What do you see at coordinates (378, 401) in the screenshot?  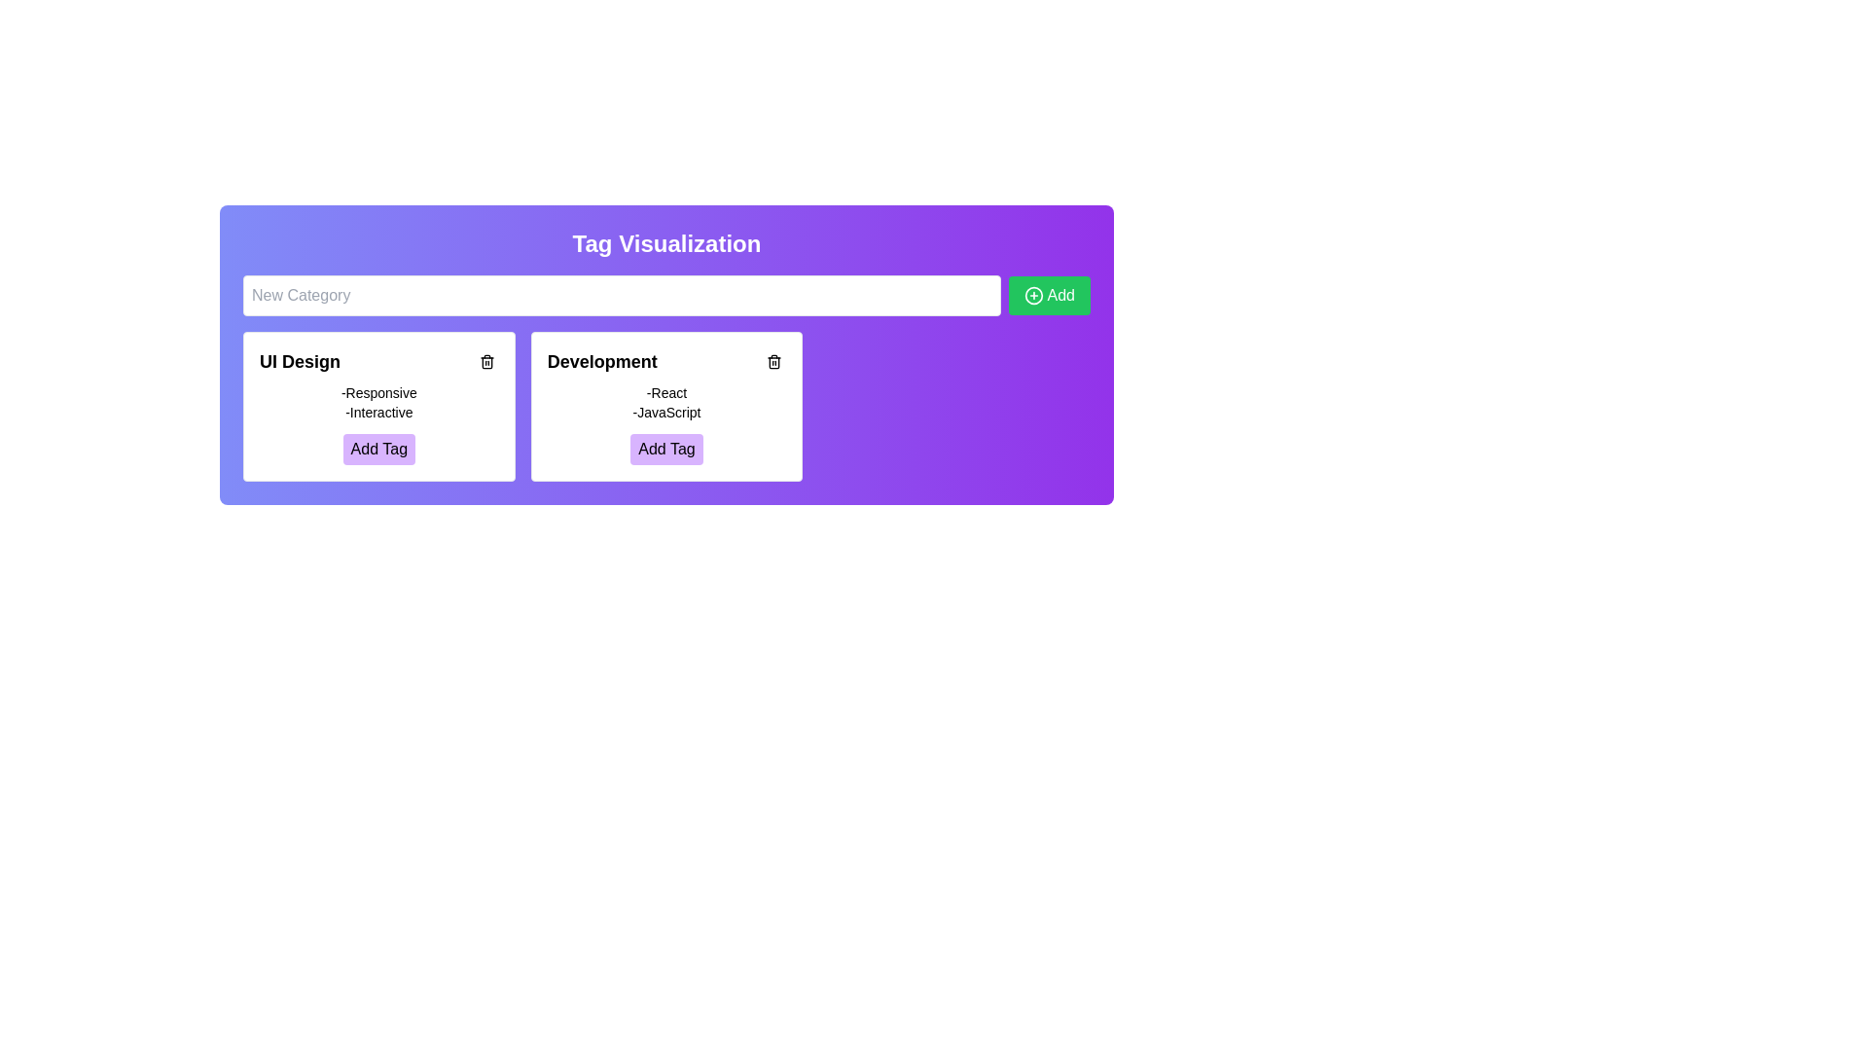 I see `the static text section that displays descriptive labels or categories related to 'UI Design', which is located within the 'UI Design' card and above the 'Add Tag' button` at bounding box center [378, 401].